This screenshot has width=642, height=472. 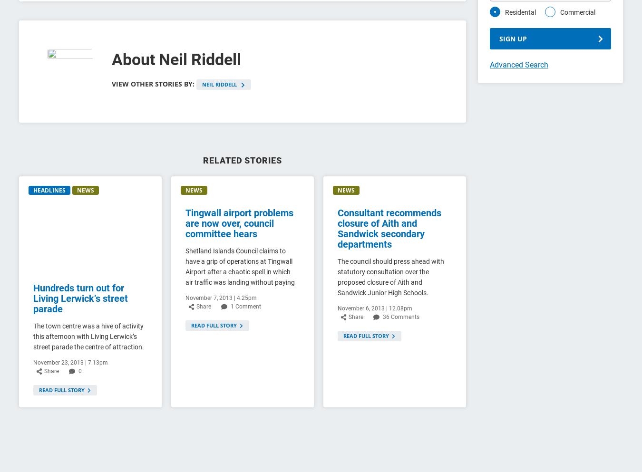 What do you see at coordinates (242, 160) in the screenshot?
I see `'RELATED STORIES'` at bounding box center [242, 160].